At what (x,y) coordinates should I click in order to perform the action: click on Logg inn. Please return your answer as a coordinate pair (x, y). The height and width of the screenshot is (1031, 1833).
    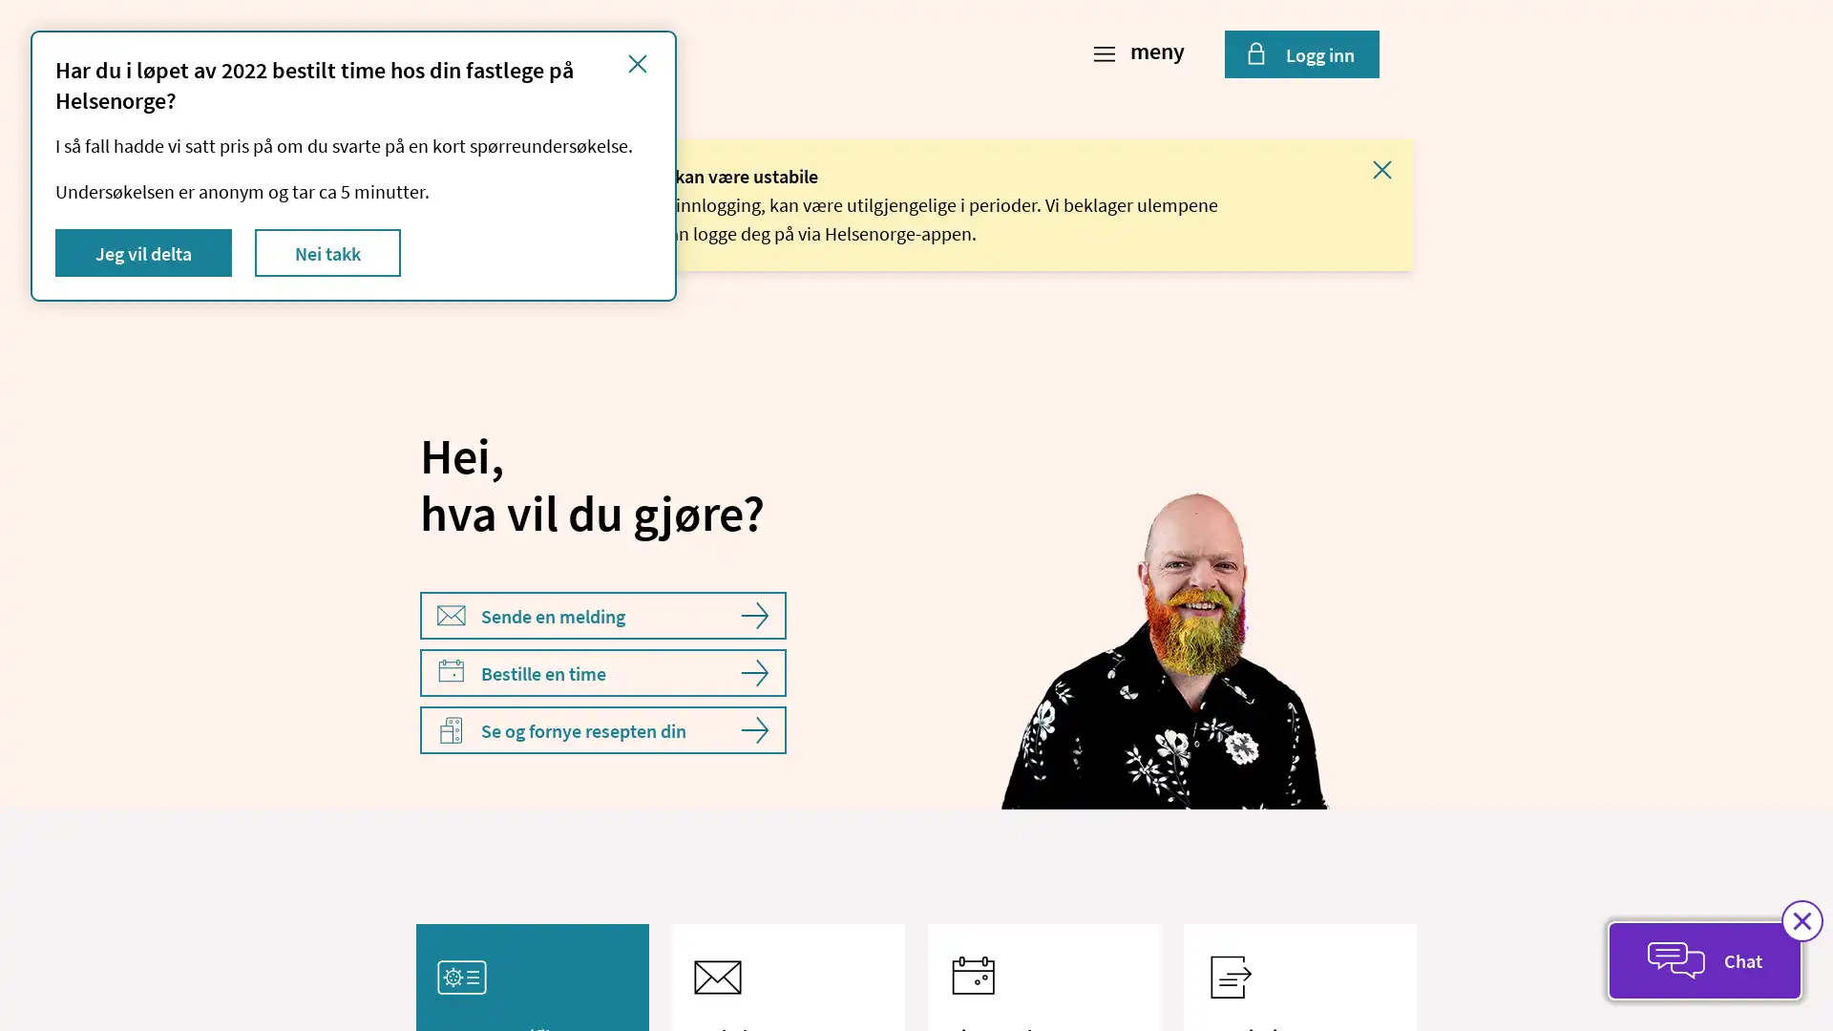
    Looking at the image, I should click on (1300, 53).